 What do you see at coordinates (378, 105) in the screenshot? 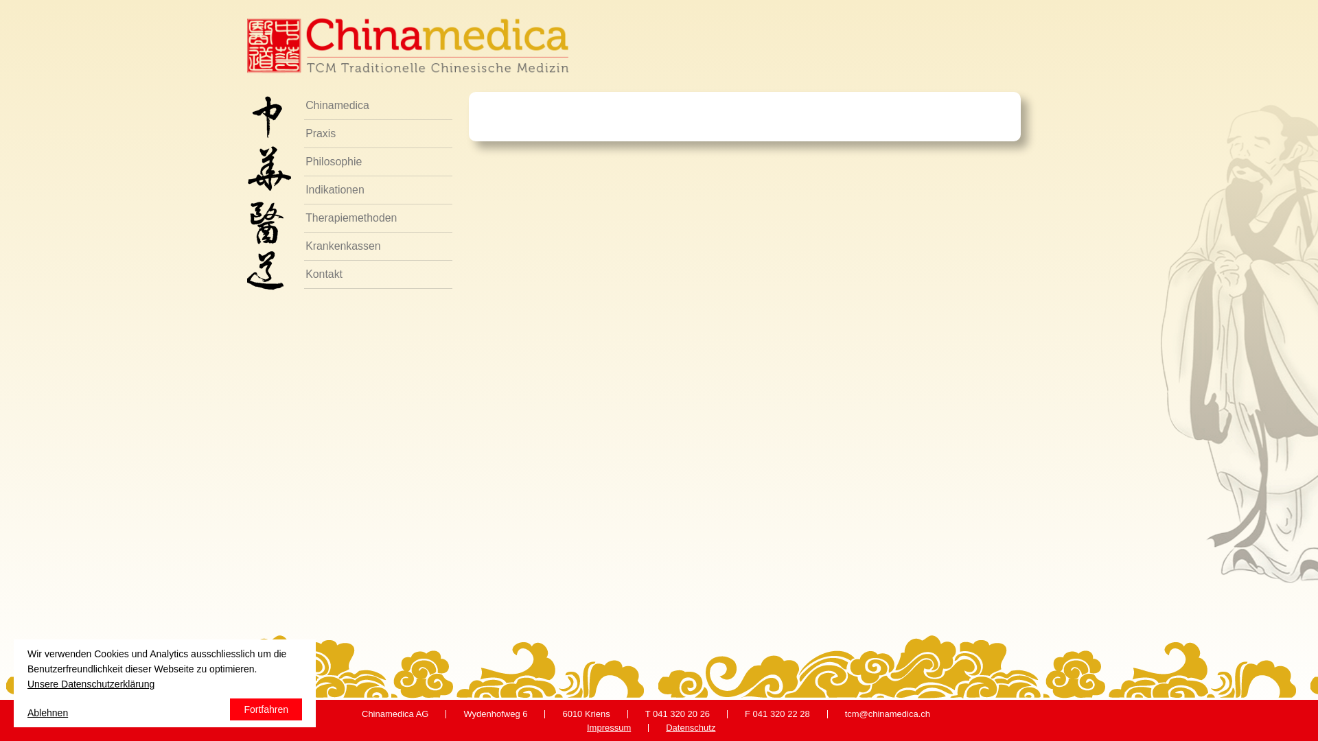
I see `'Chinamedica'` at bounding box center [378, 105].